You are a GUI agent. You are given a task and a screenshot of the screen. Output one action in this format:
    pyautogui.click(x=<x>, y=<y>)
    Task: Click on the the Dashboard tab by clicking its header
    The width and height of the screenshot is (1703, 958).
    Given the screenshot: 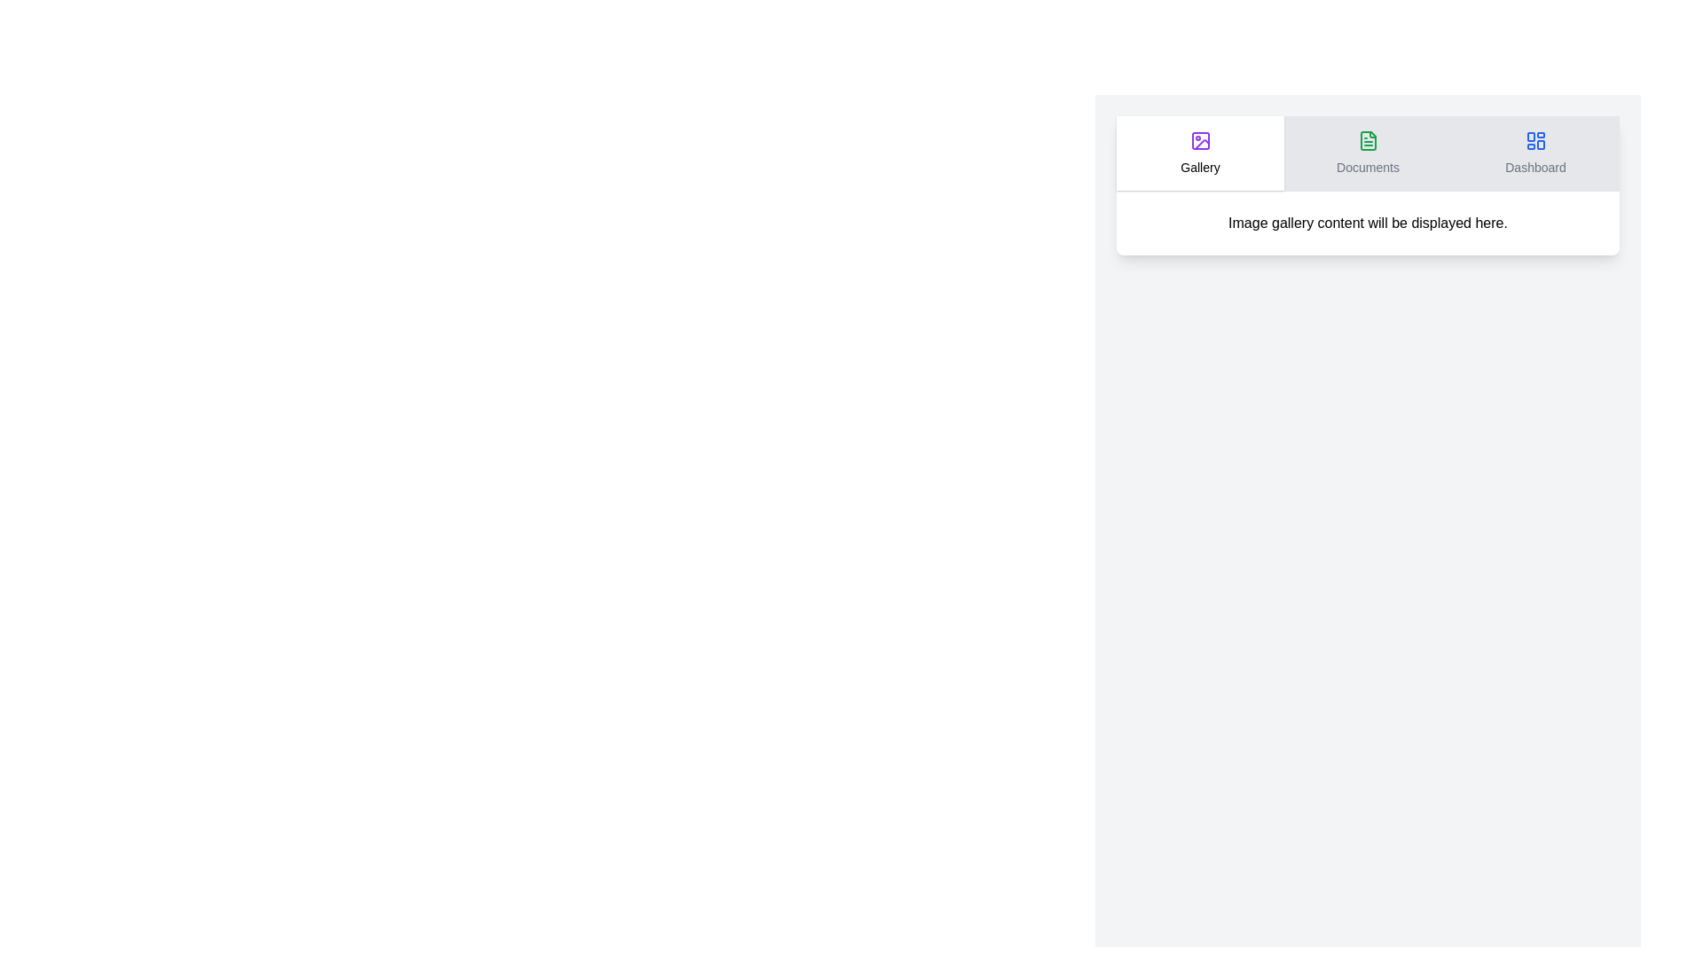 What is the action you would take?
    pyautogui.click(x=1534, y=153)
    